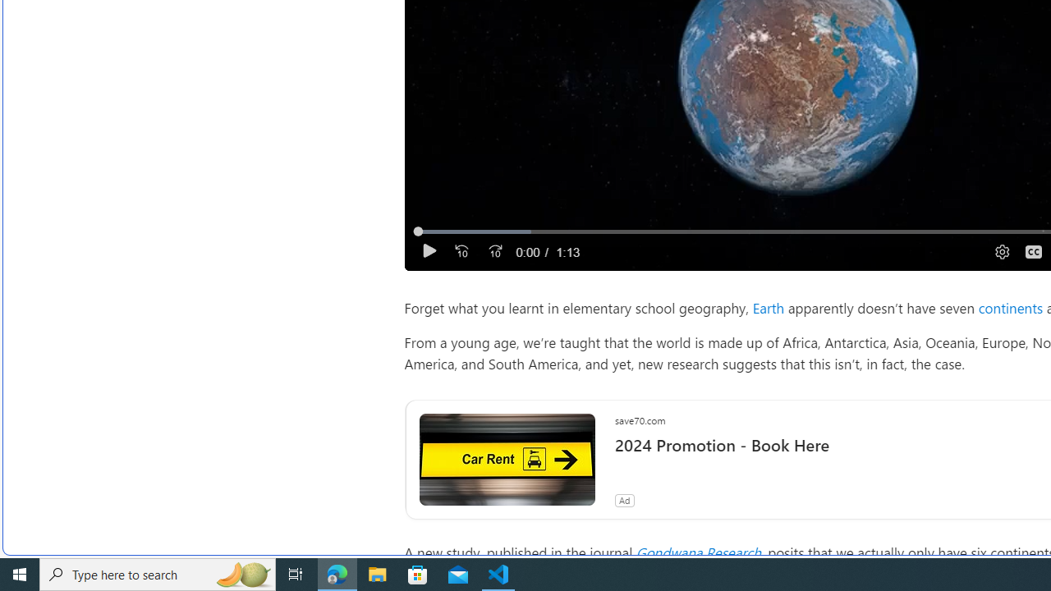  I want to click on 'Seek Back', so click(460, 251).